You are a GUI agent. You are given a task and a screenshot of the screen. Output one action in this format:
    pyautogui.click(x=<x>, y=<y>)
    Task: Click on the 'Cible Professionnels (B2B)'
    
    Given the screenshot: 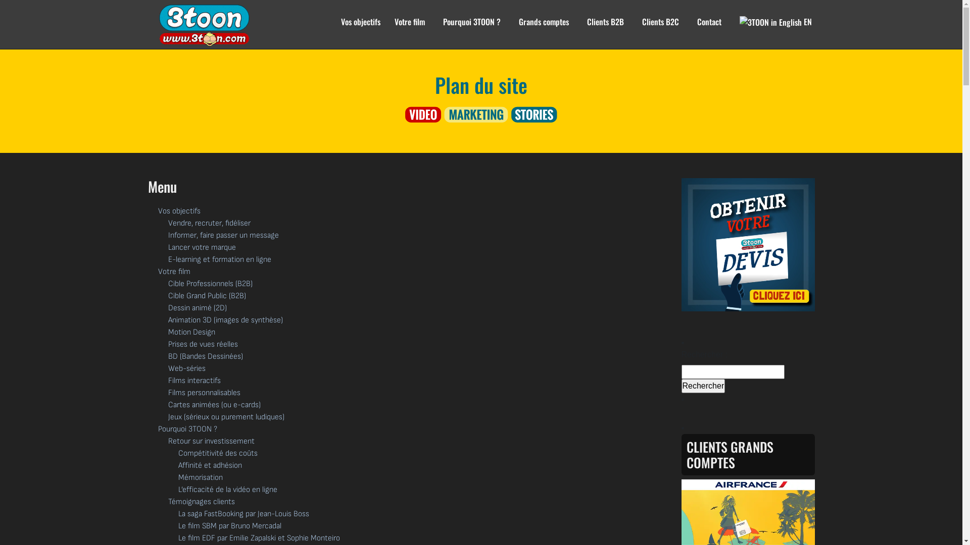 What is the action you would take?
    pyautogui.click(x=209, y=284)
    